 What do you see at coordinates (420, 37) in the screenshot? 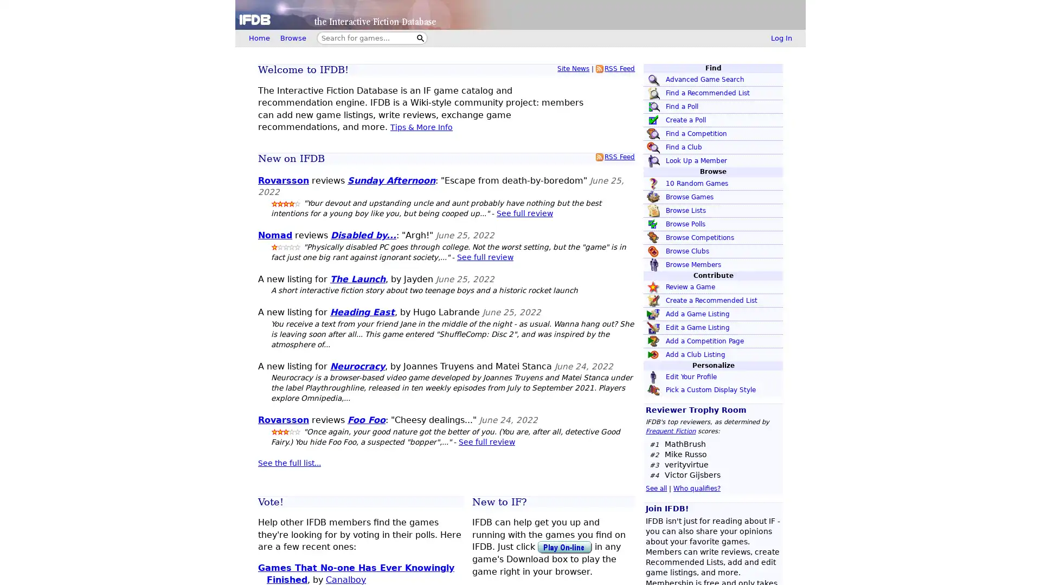
I see `Search` at bounding box center [420, 37].